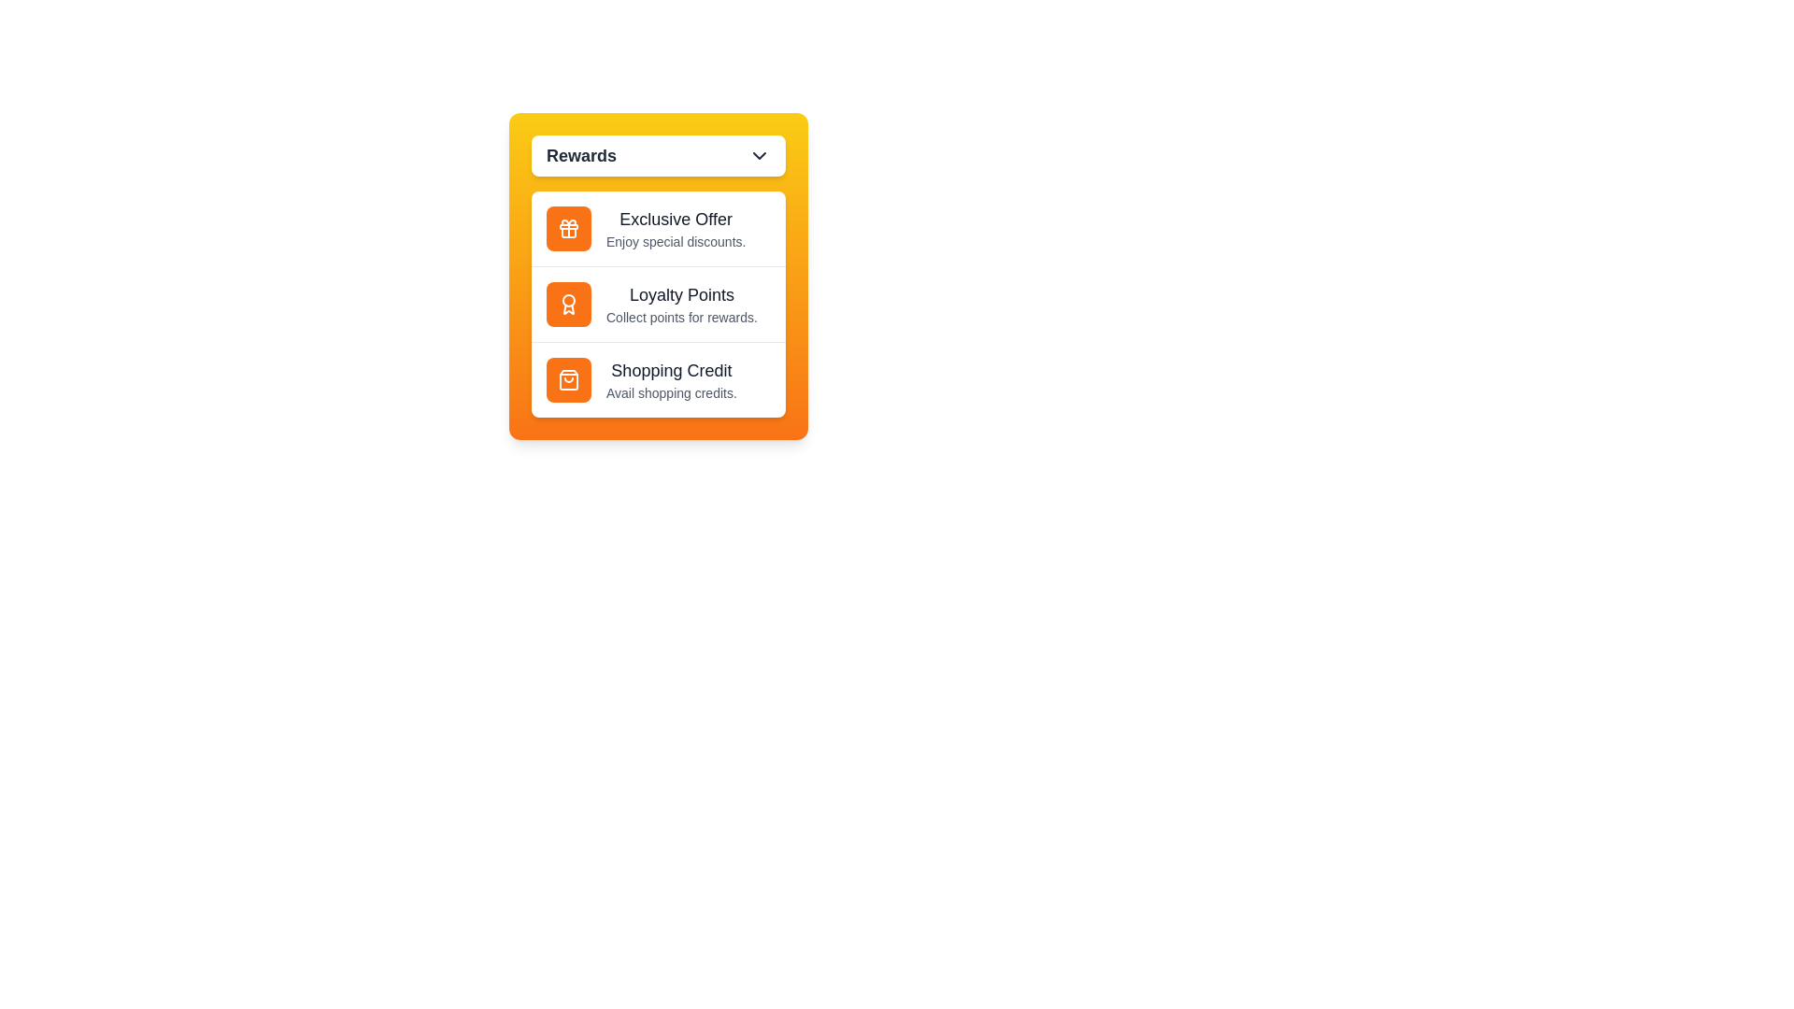  What do you see at coordinates (675, 228) in the screenshot?
I see `details from the Informational Text Block that displays 'Exclusive Offer' and 'Enjoy special discounts.'` at bounding box center [675, 228].